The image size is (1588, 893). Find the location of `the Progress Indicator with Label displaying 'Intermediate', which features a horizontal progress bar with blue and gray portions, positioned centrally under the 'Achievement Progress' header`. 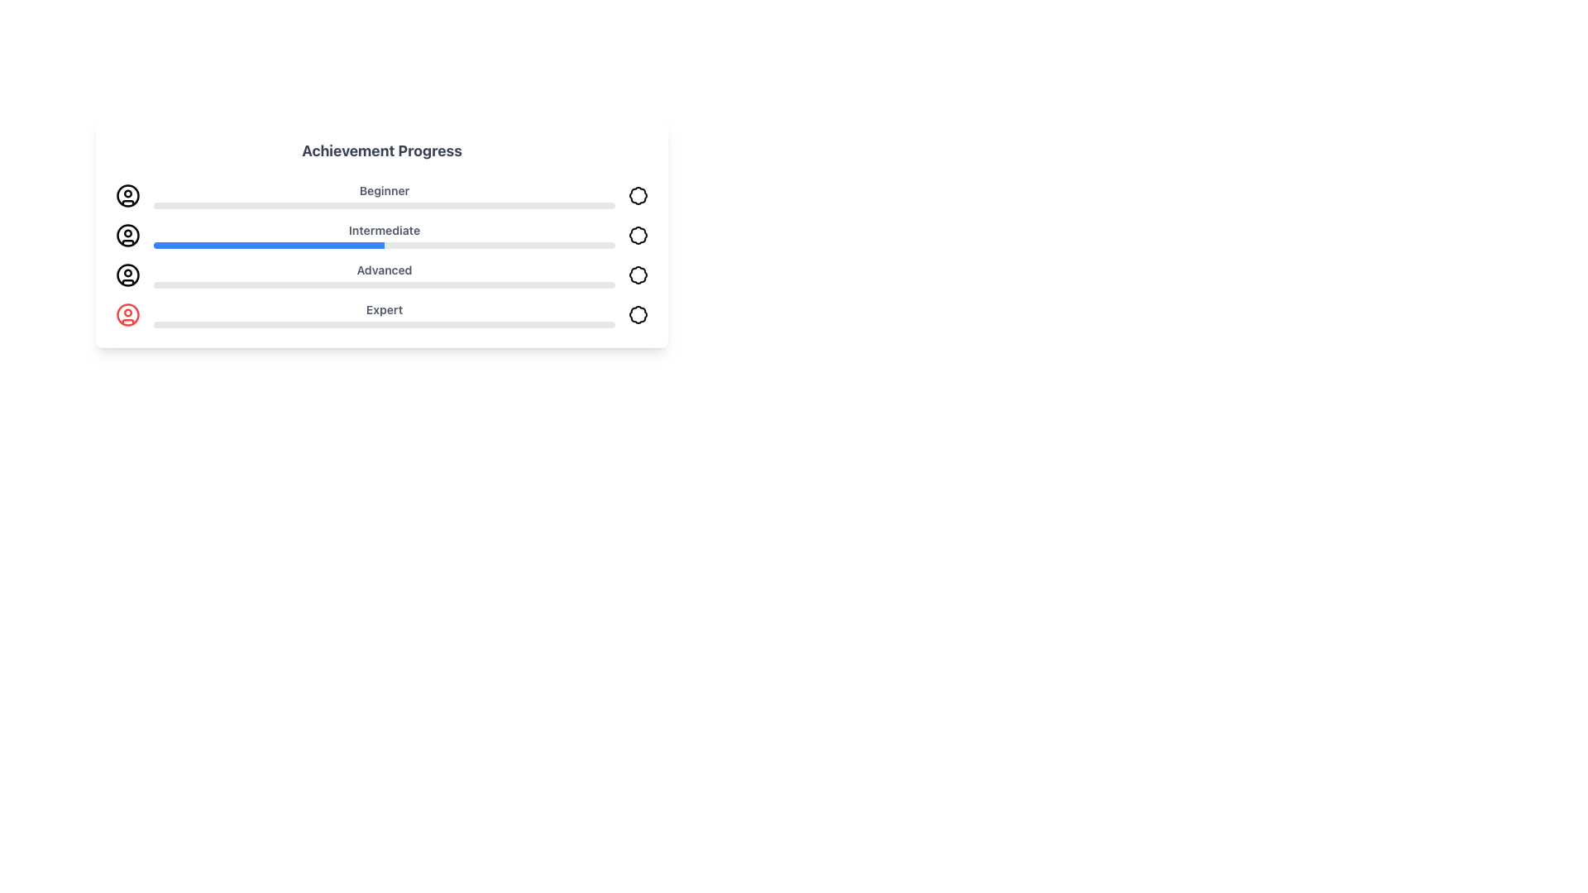

the Progress Indicator with Label displaying 'Intermediate', which features a horizontal progress bar with blue and gray portions, positioned centrally under the 'Achievement Progress' header is located at coordinates (384, 236).